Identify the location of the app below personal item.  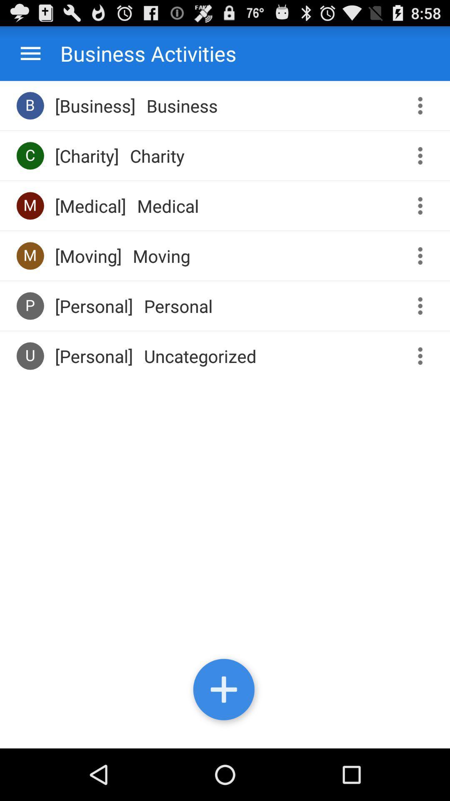
(200, 356).